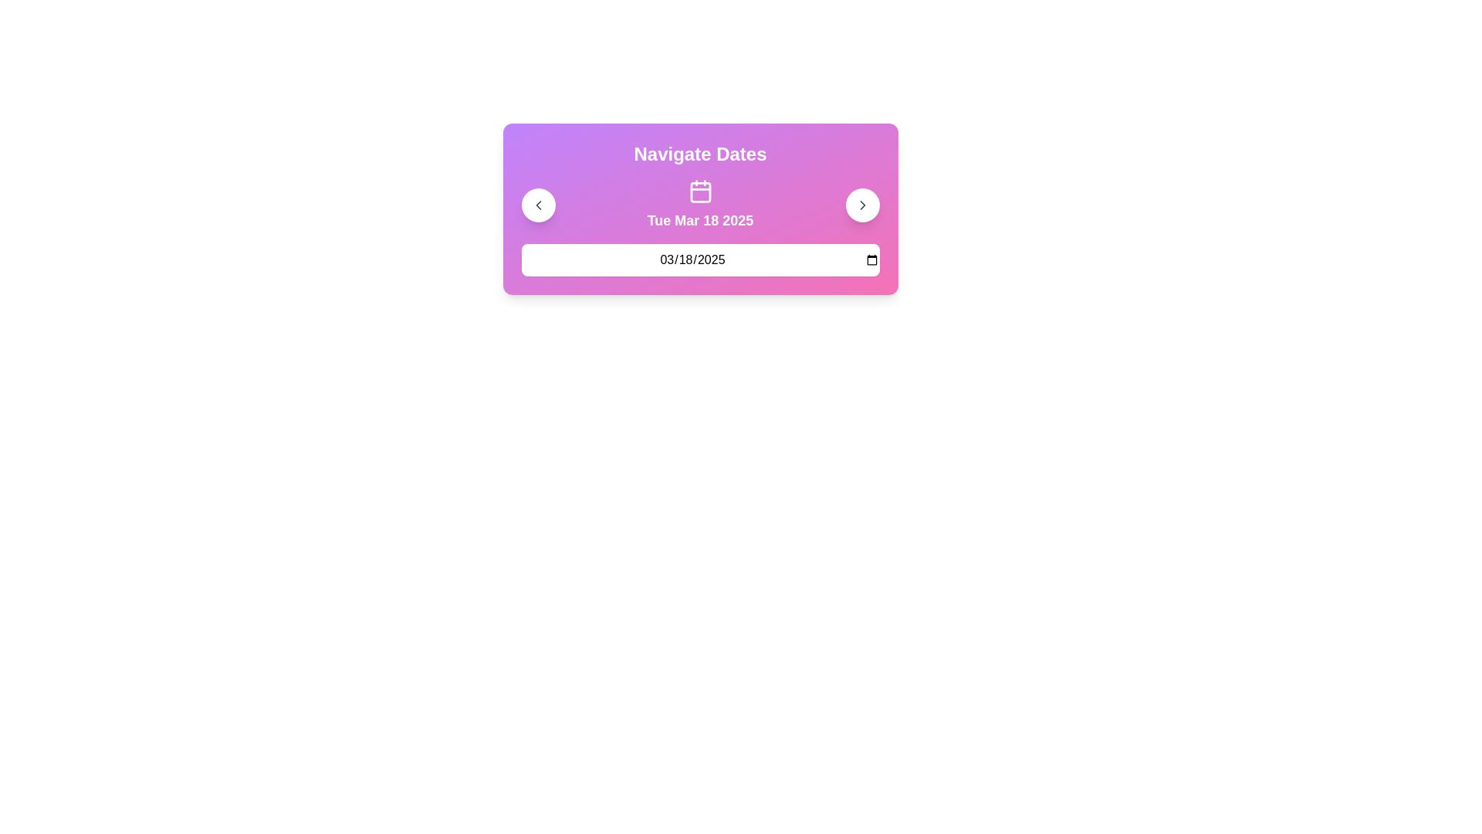 The image size is (1482, 834). Describe the element at coordinates (861, 205) in the screenshot. I see `the circular button with a white background and a rightward arrow icon` at that location.